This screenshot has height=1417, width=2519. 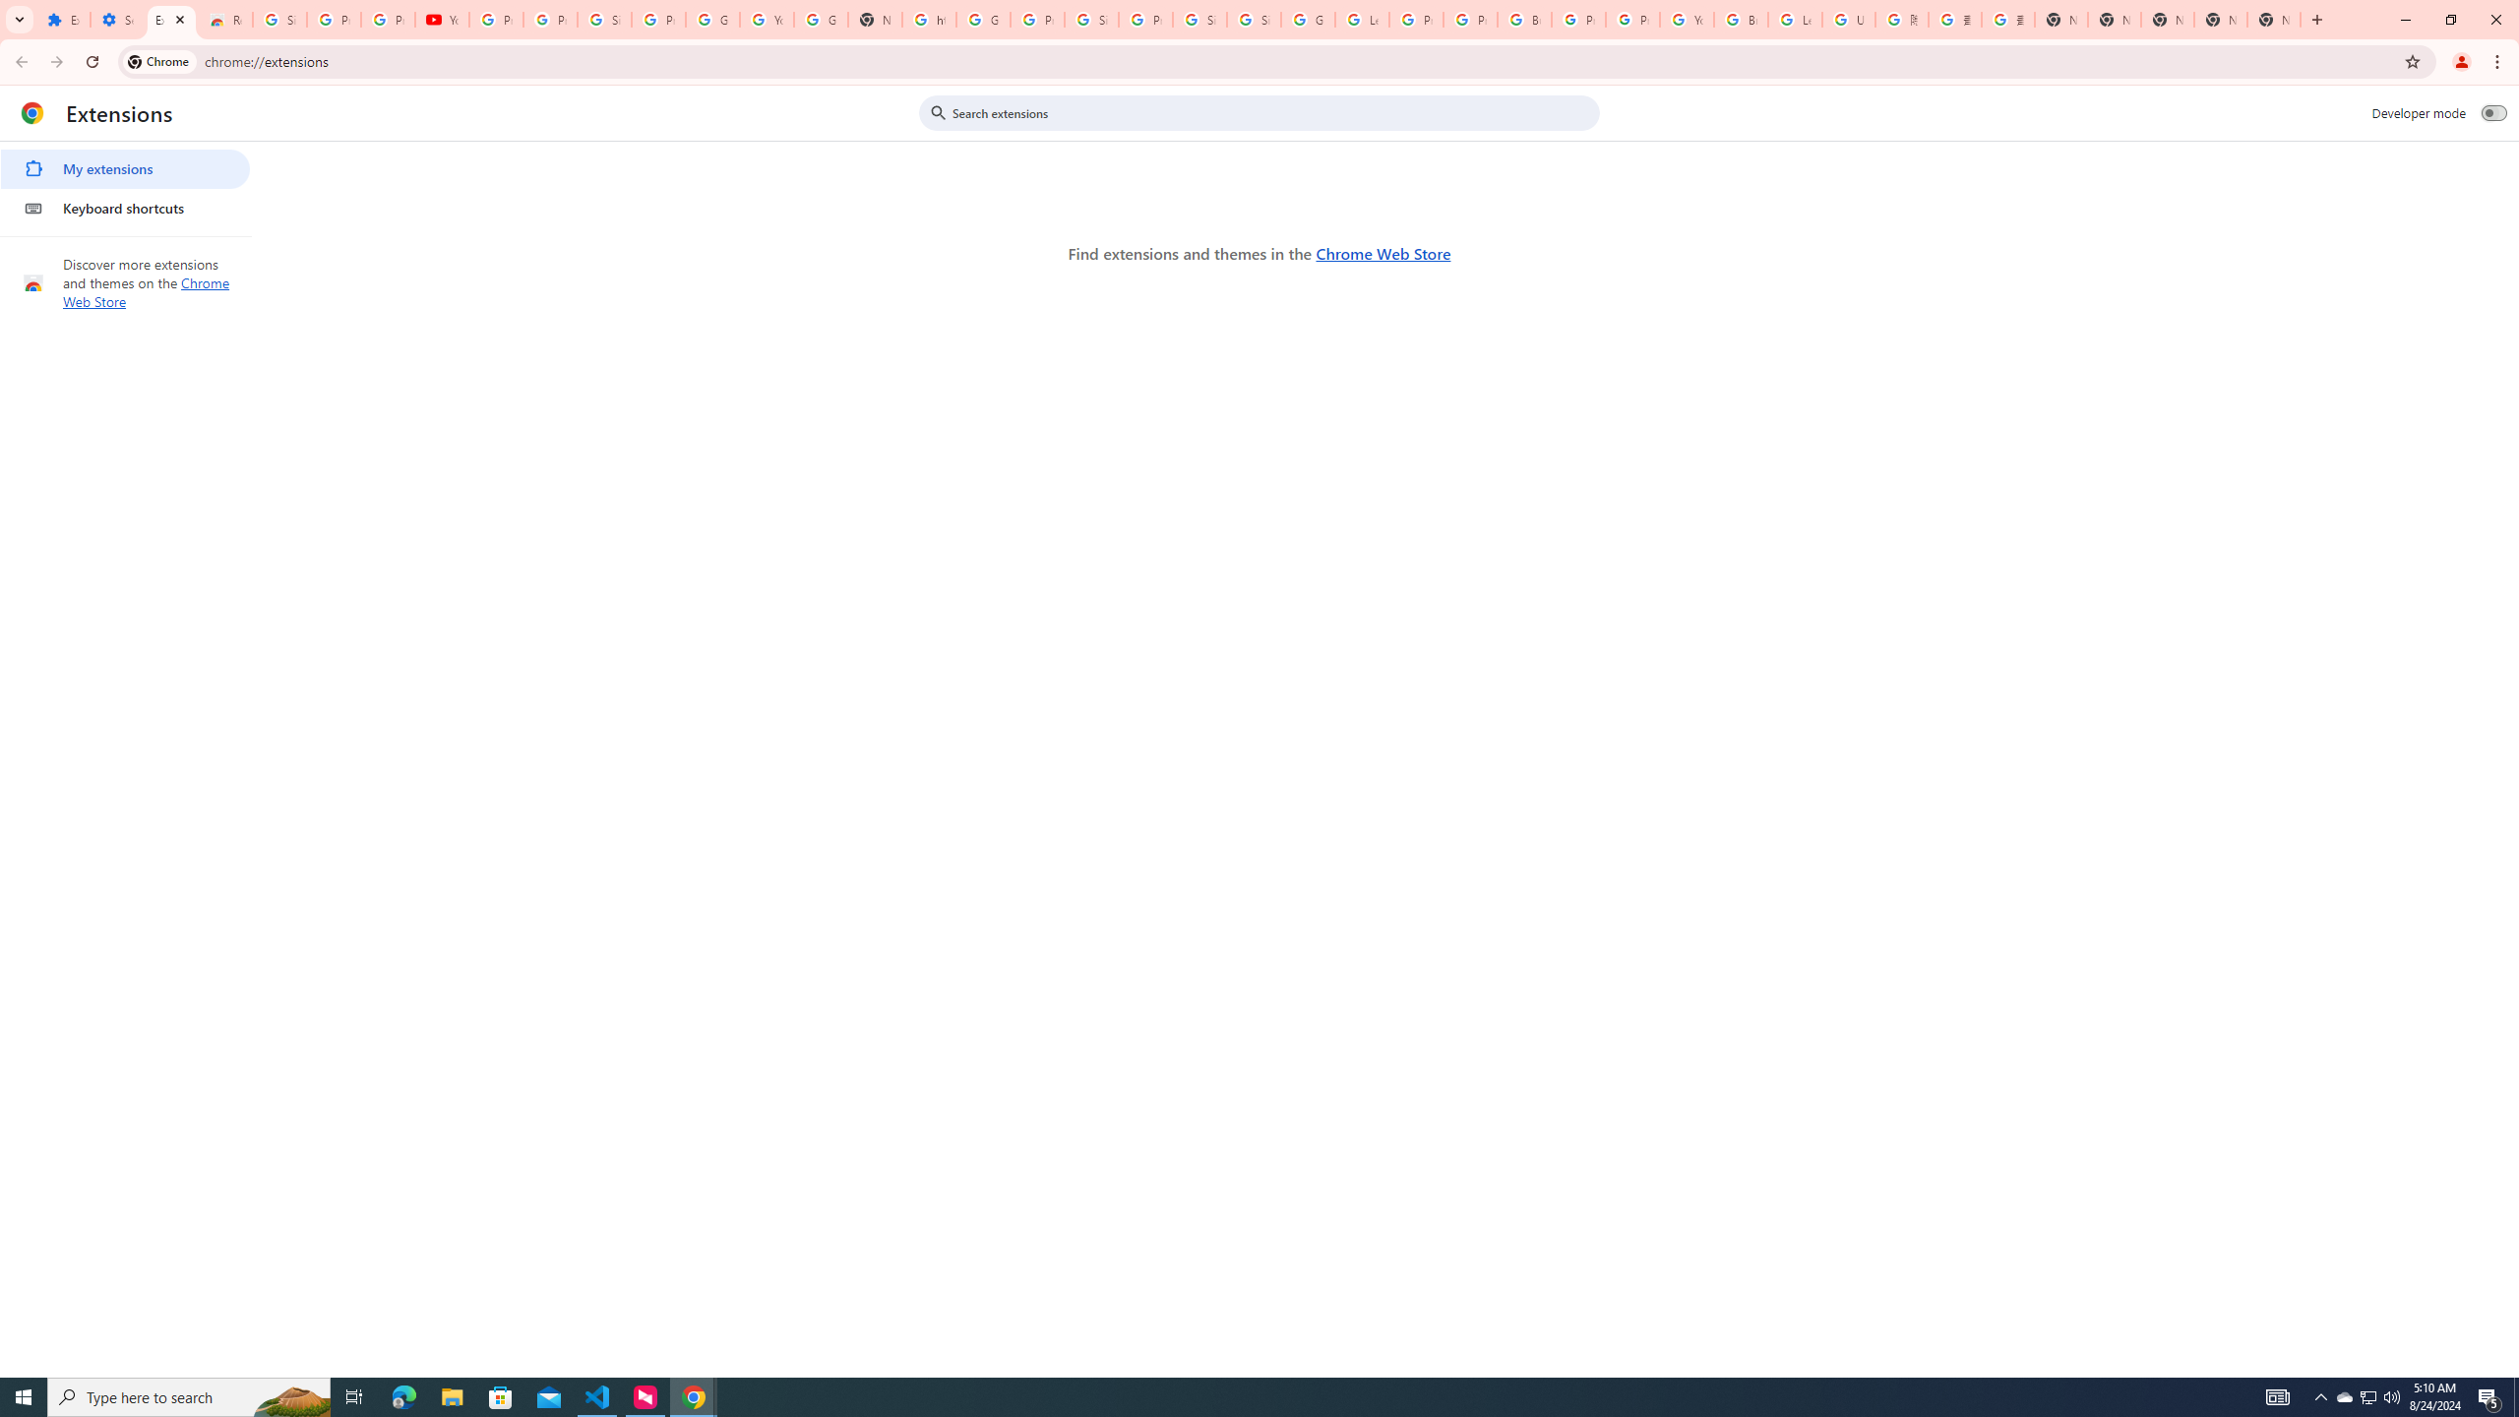 I want to click on 'Keyboard shortcuts', so click(x=124, y=207).